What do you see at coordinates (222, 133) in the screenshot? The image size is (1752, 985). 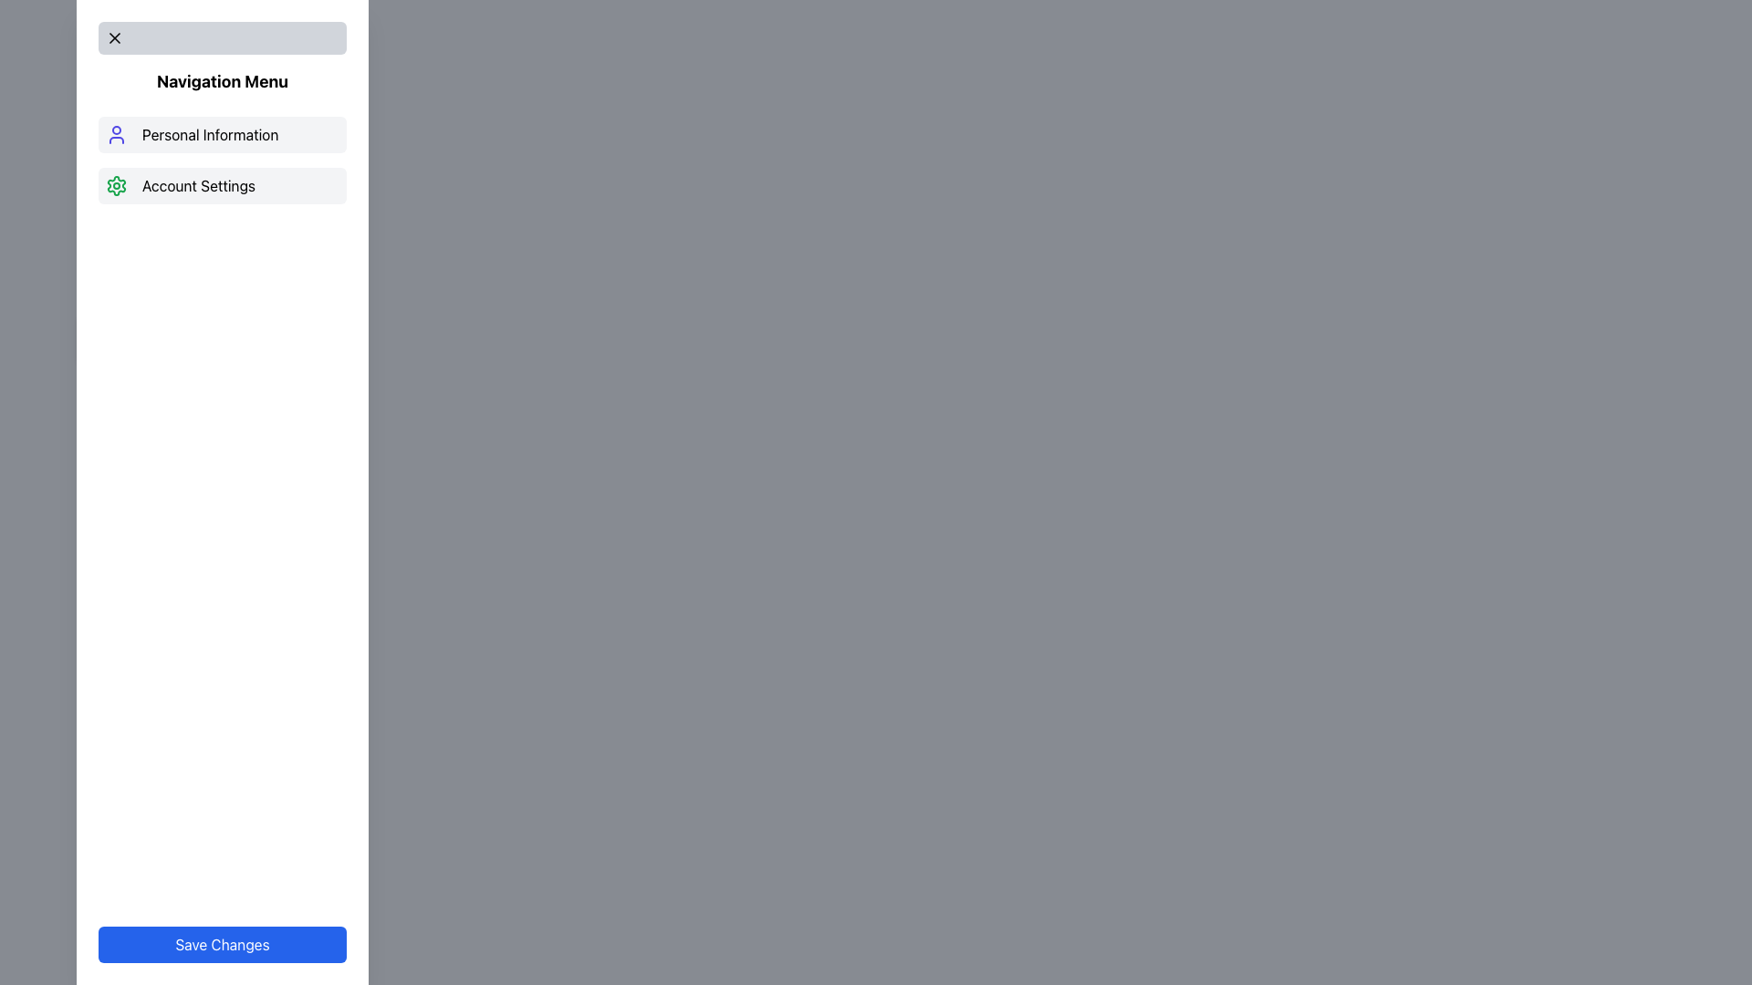 I see `the first list item in the navigation menu labeled 'Personal Information', which features a user icon in indigo and text in black` at bounding box center [222, 133].